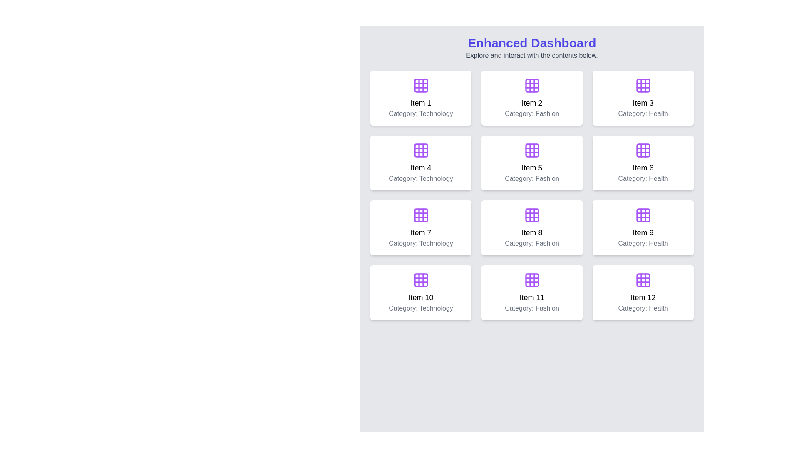  Describe the element at coordinates (421, 308) in the screenshot. I see `the text label displaying 'Category: Technology', which is styled in gray and located at the bottom center of the card for 'Item 10'` at that location.